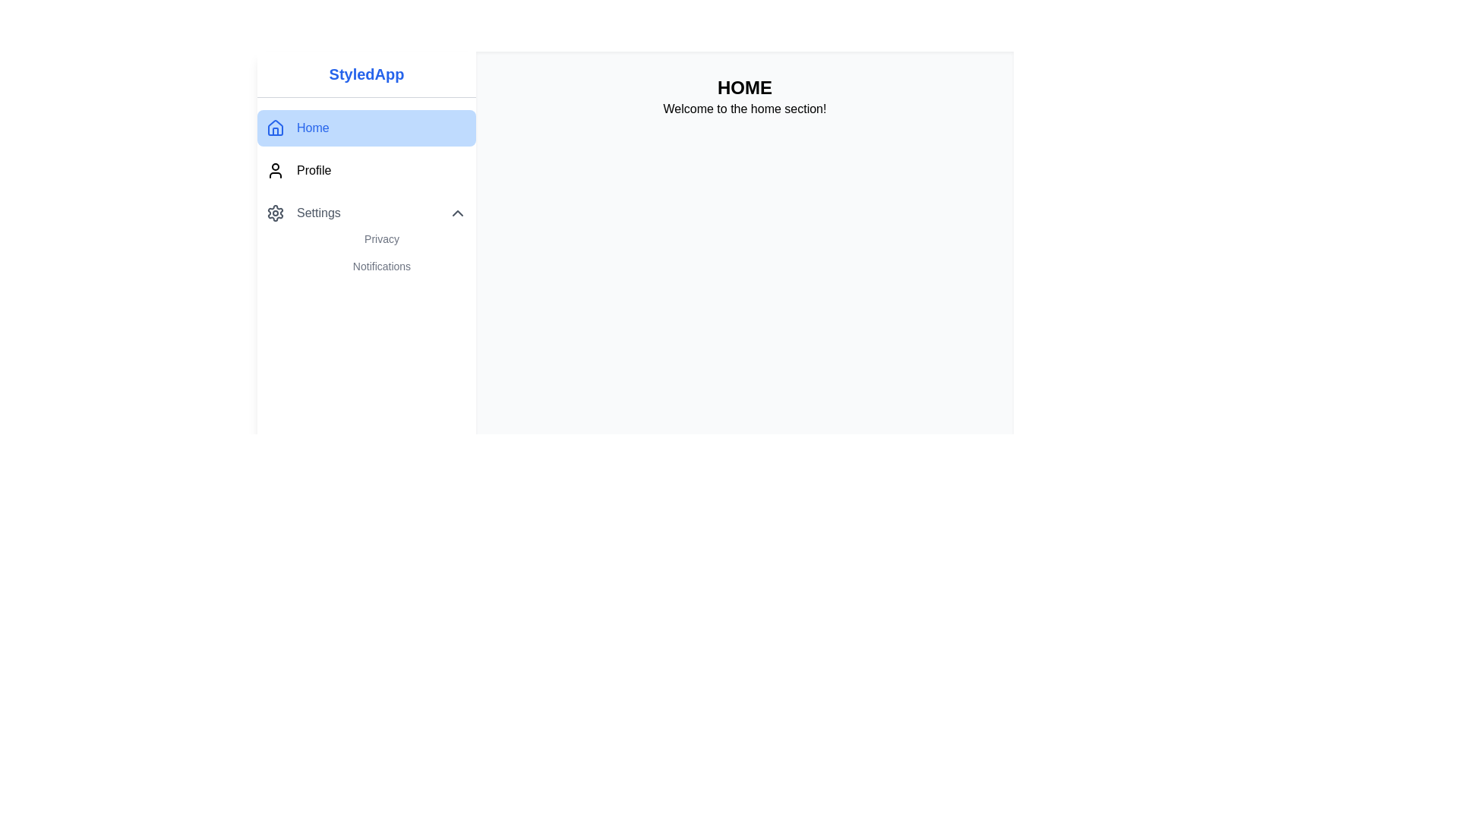 This screenshot has width=1458, height=820. Describe the element at coordinates (276, 127) in the screenshot. I see `the house icon in the sidebar, which serves as the 'Home' option in the navigation menu, prominently located at the top` at that location.